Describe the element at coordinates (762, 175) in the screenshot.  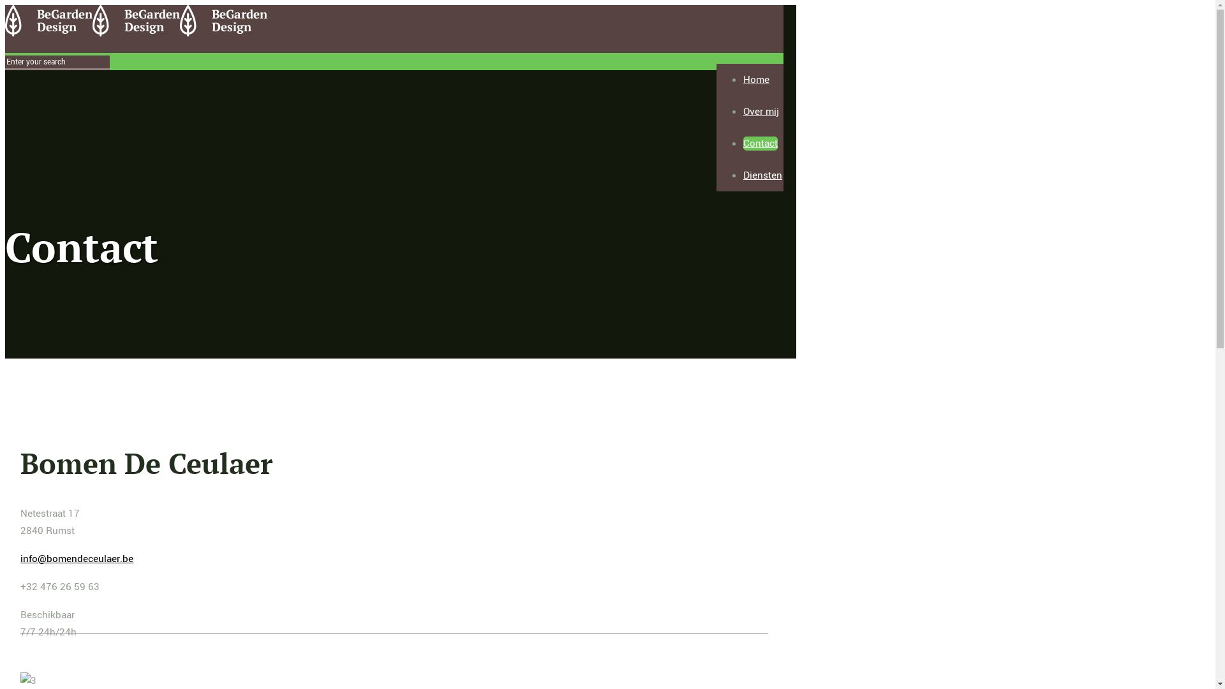
I see `'Diensten'` at that location.